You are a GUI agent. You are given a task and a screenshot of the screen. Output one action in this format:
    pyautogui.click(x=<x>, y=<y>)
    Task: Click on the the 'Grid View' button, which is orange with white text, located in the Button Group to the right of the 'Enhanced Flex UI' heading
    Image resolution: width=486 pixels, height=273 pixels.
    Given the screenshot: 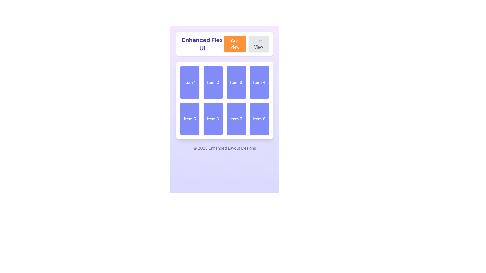 What is the action you would take?
    pyautogui.click(x=247, y=43)
    